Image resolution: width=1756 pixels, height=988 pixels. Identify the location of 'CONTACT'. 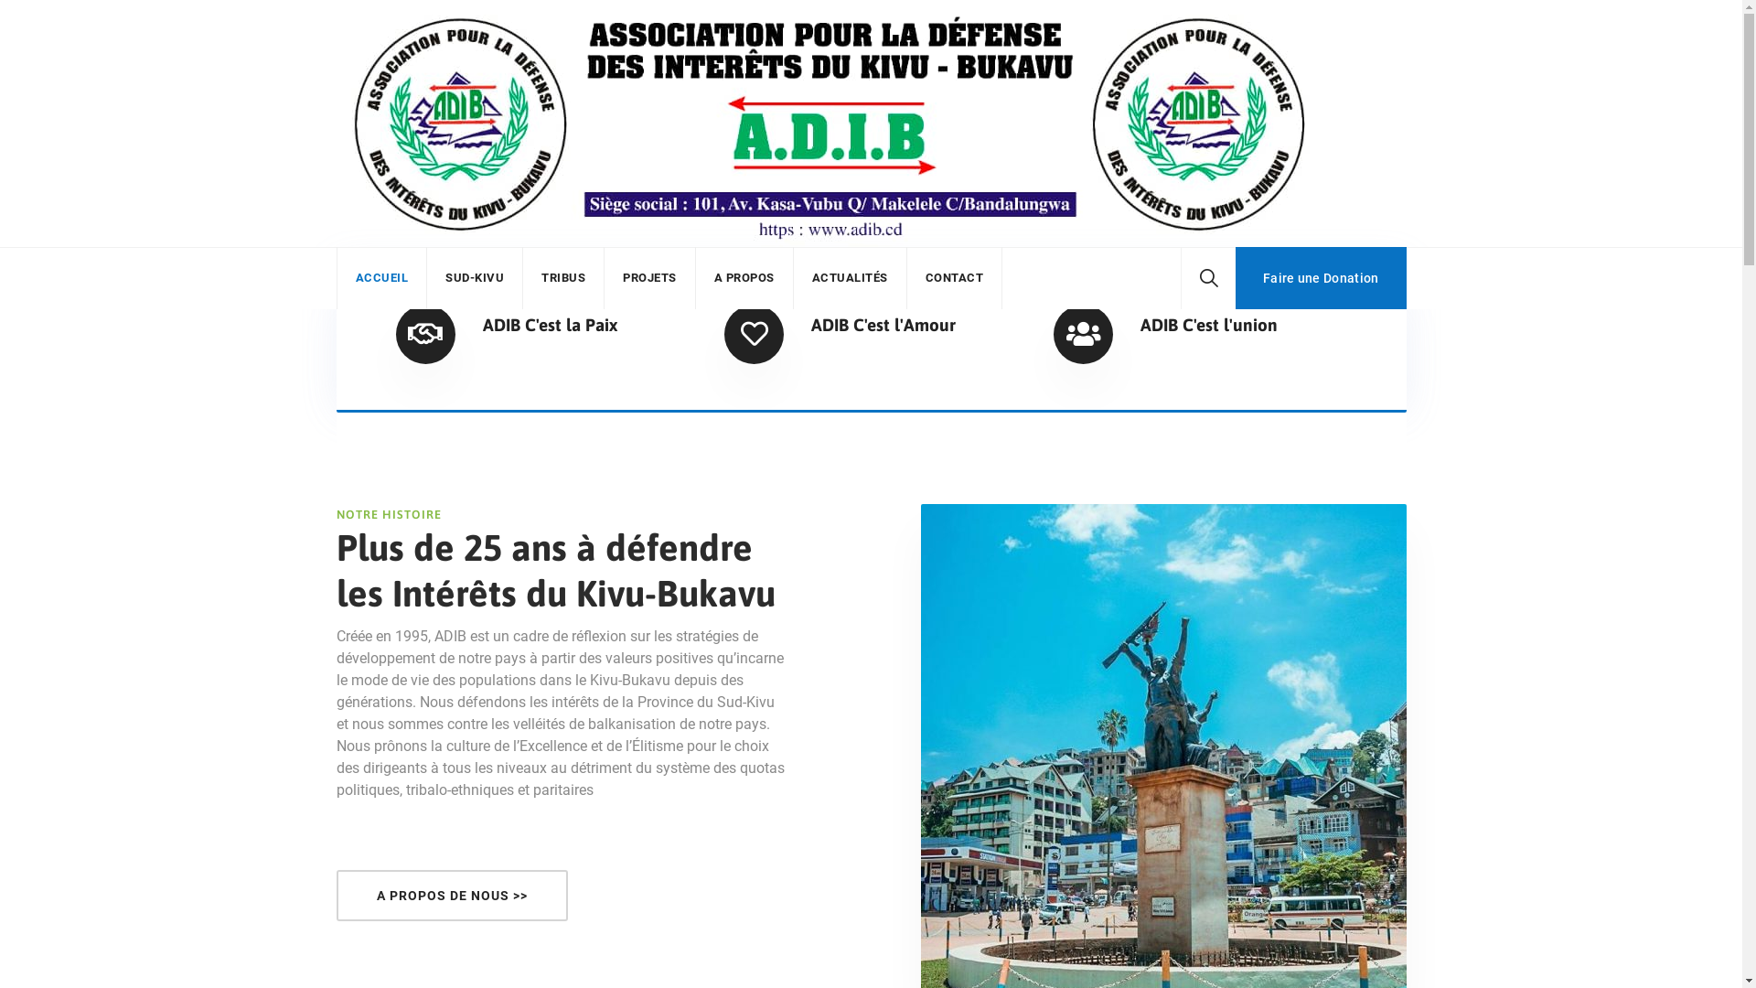
(953, 278).